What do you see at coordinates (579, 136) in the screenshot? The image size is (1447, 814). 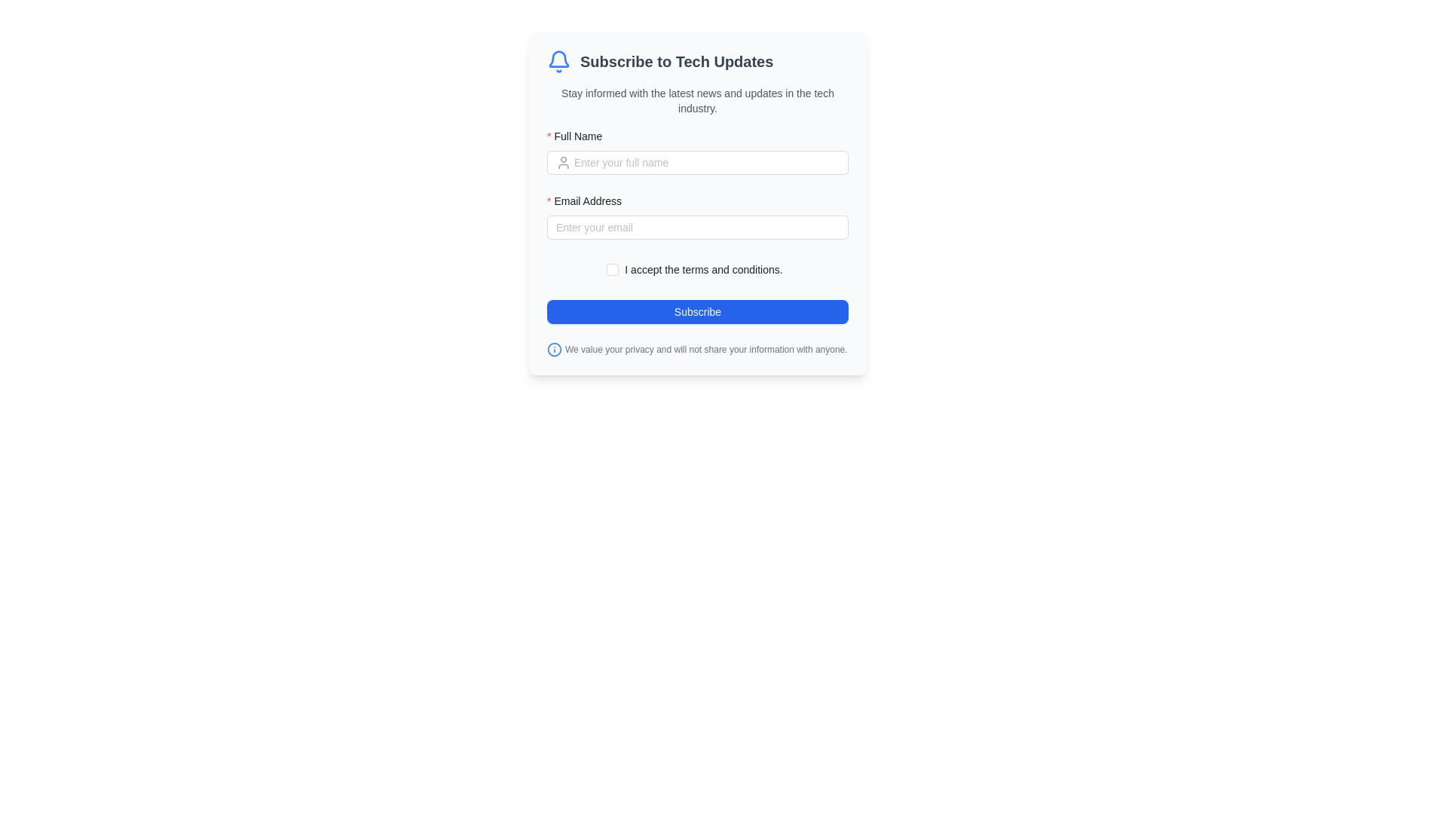 I see `the label indicating 'Enter your full name' in the 'Subscribe to Tech Updates' form, which is positioned near the upper middle of the form` at bounding box center [579, 136].